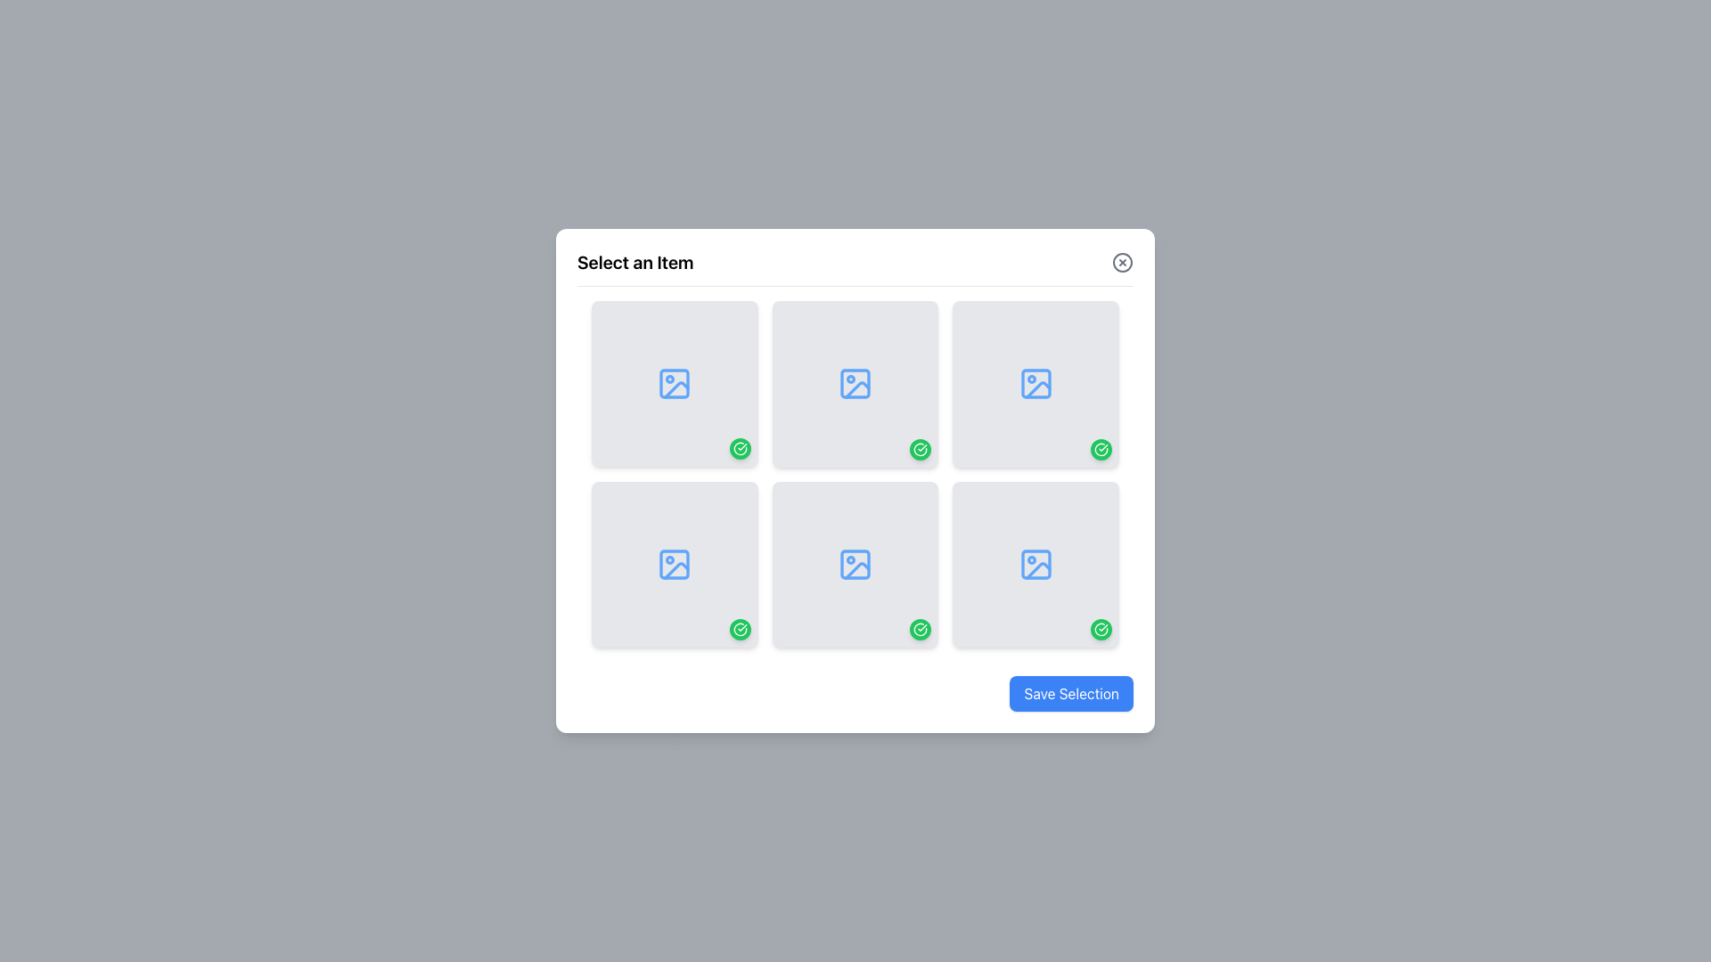 The height and width of the screenshot is (962, 1711). I want to click on the small rectangular SVG graphical component with rounded corners, styled with a blue outline, located in the second row and second column of the grid layout, so click(855, 383).